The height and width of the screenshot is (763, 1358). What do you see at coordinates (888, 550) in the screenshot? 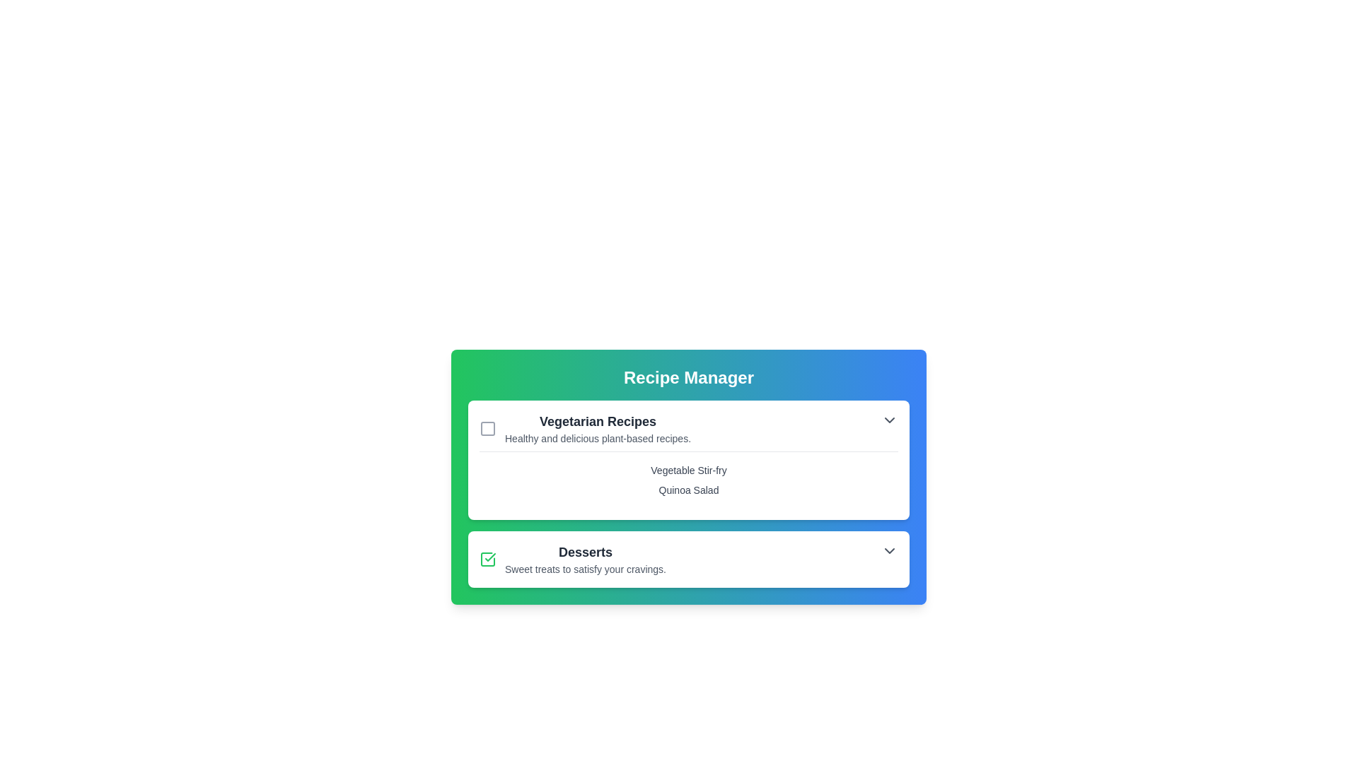
I see `the downward triangle-shaped chevron icon button located at the far right of the 'Desserts' section` at bounding box center [888, 550].